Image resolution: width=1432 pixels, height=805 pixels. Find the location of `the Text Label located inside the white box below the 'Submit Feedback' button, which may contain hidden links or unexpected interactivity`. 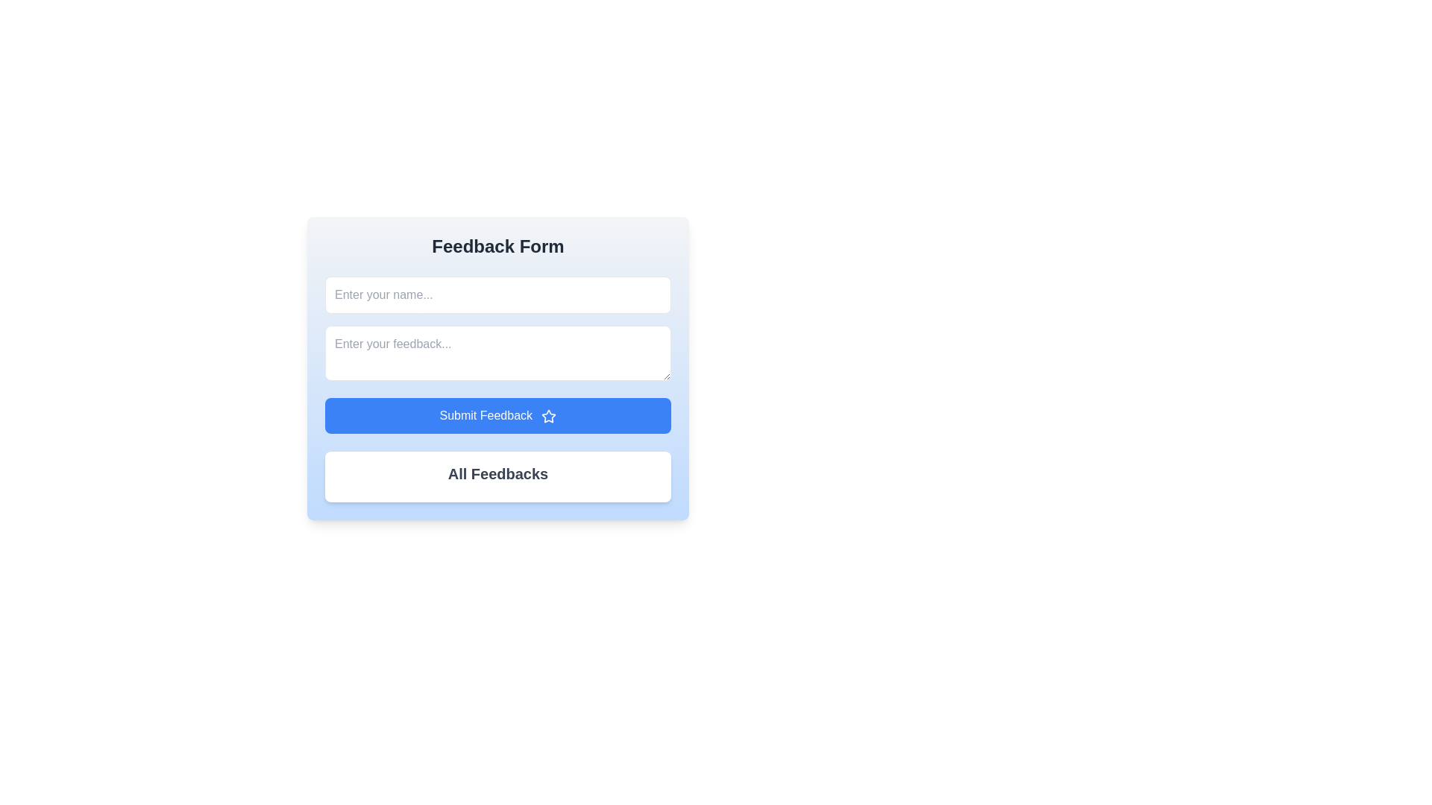

the Text Label located inside the white box below the 'Submit Feedback' button, which may contain hidden links or unexpected interactivity is located at coordinates (497, 474).